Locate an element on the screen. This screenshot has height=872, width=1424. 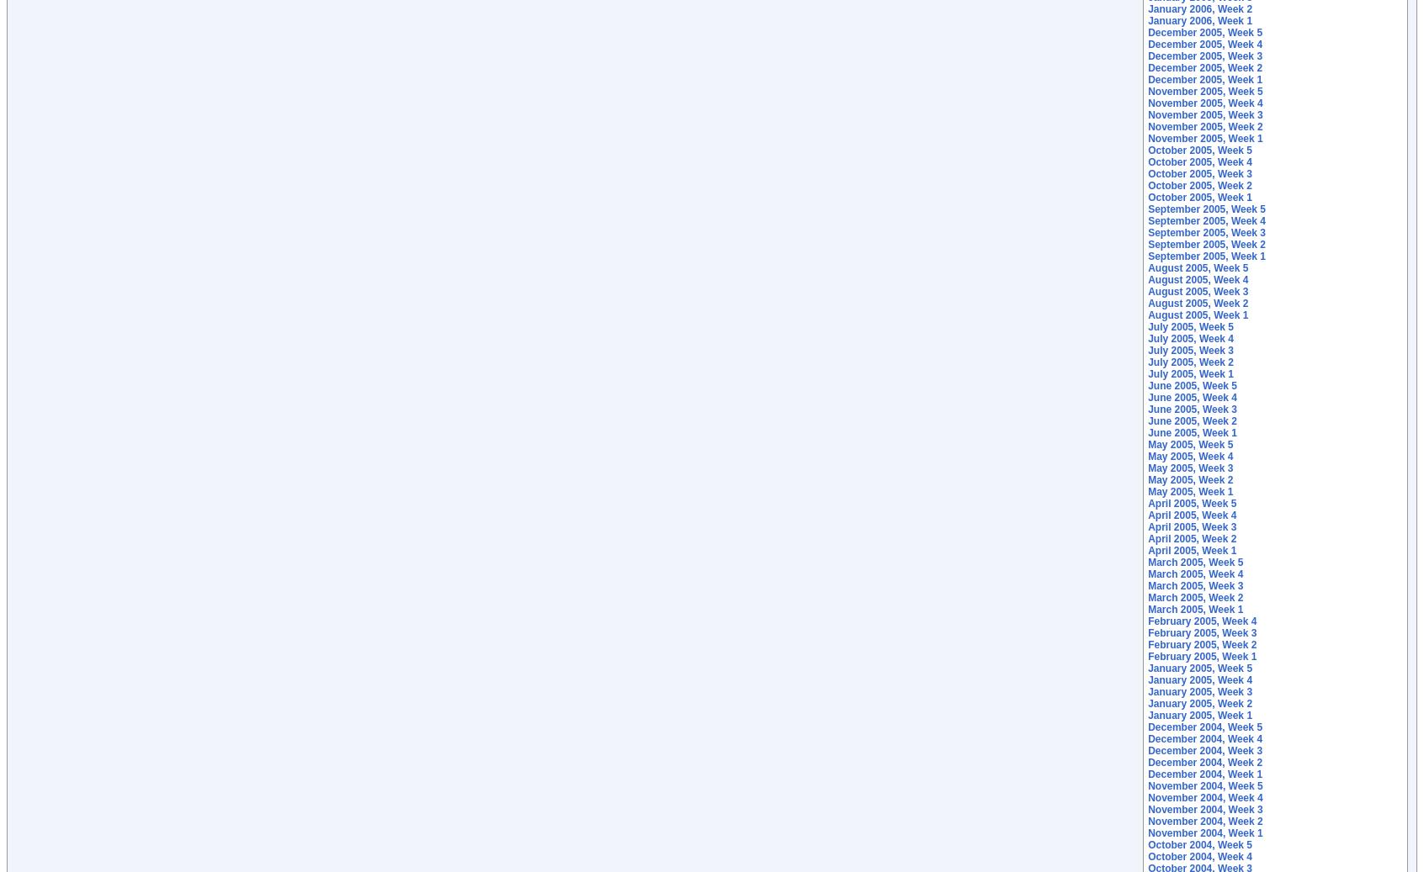
'September 2005, Week 4' is located at coordinates (1205, 219).